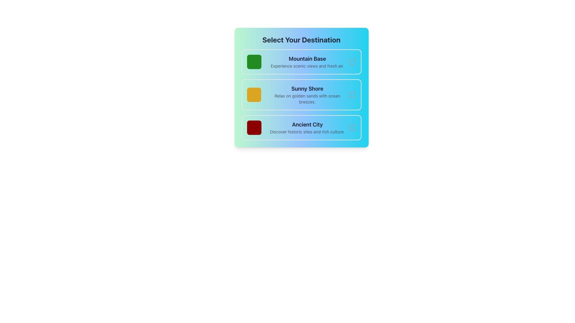  What do you see at coordinates (254, 62) in the screenshot?
I see `the decorative colored square that serves as a visual indicator for the 'Mountain Base' option, located adjacent to its textual content` at bounding box center [254, 62].